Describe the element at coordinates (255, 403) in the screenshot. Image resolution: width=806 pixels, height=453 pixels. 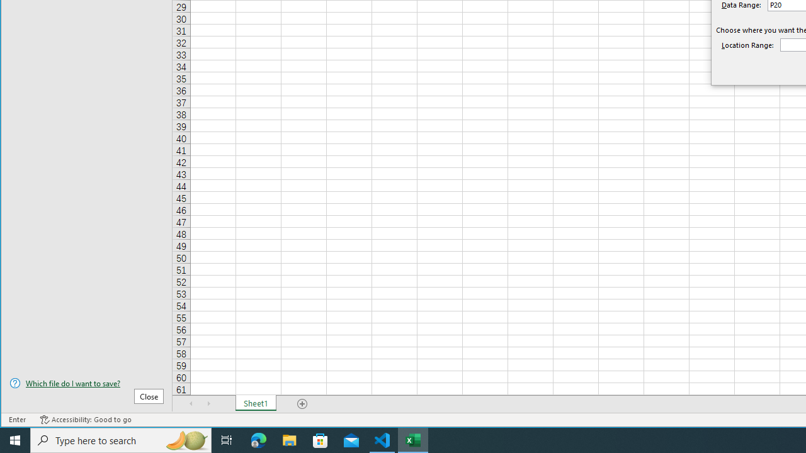
I see `'Sheet1'` at that location.